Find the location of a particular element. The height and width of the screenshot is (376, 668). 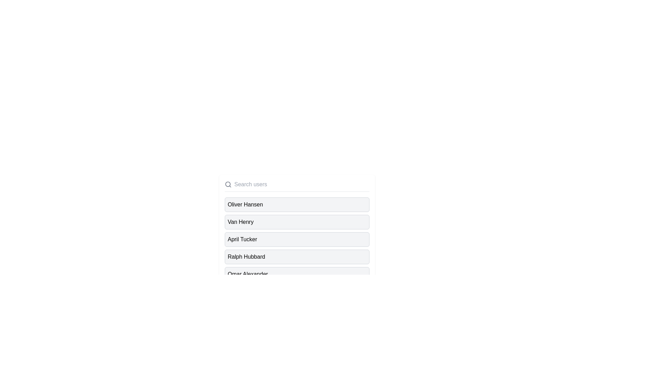

the text node displaying 'Van Henry' is located at coordinates (240, 222).